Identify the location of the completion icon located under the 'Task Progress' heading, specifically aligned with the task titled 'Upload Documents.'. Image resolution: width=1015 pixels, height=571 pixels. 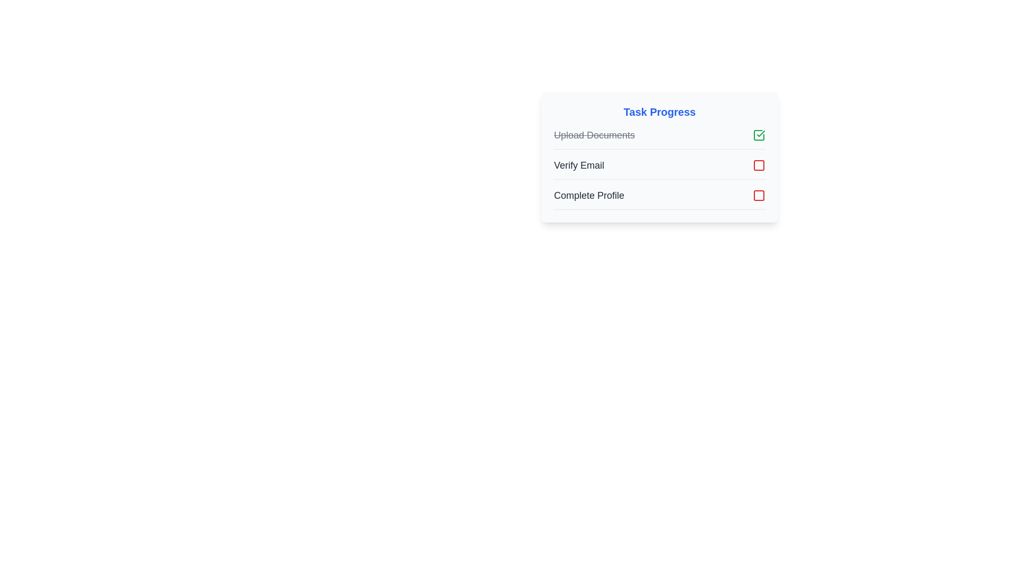
(760, 133).